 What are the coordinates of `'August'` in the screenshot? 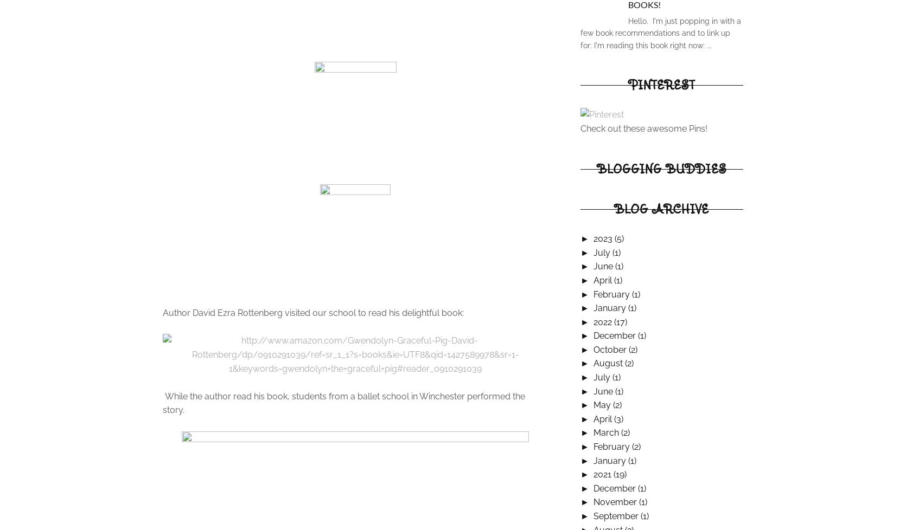 It's located at (592, 363).